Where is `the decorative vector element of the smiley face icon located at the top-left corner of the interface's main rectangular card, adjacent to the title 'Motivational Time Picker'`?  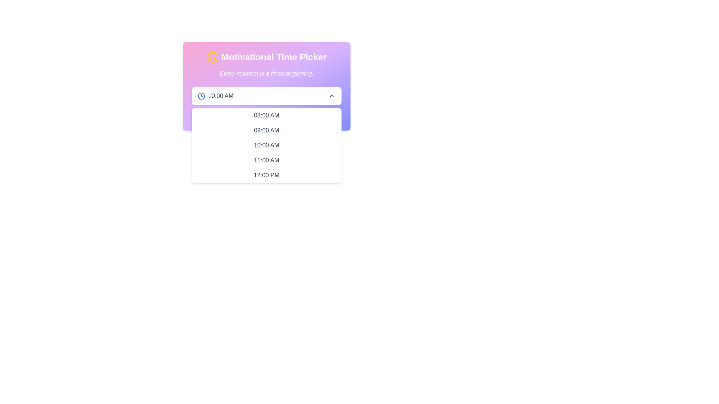 the decorative vector element of the smiley face icon located at the top-left corner of the interface's main rectangular card, adjacent to the title 'Motivational Time Picker' is located at coordinates (212, 57).